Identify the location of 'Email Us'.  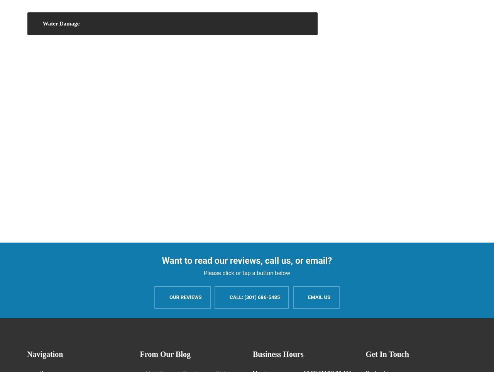
(307, 297).